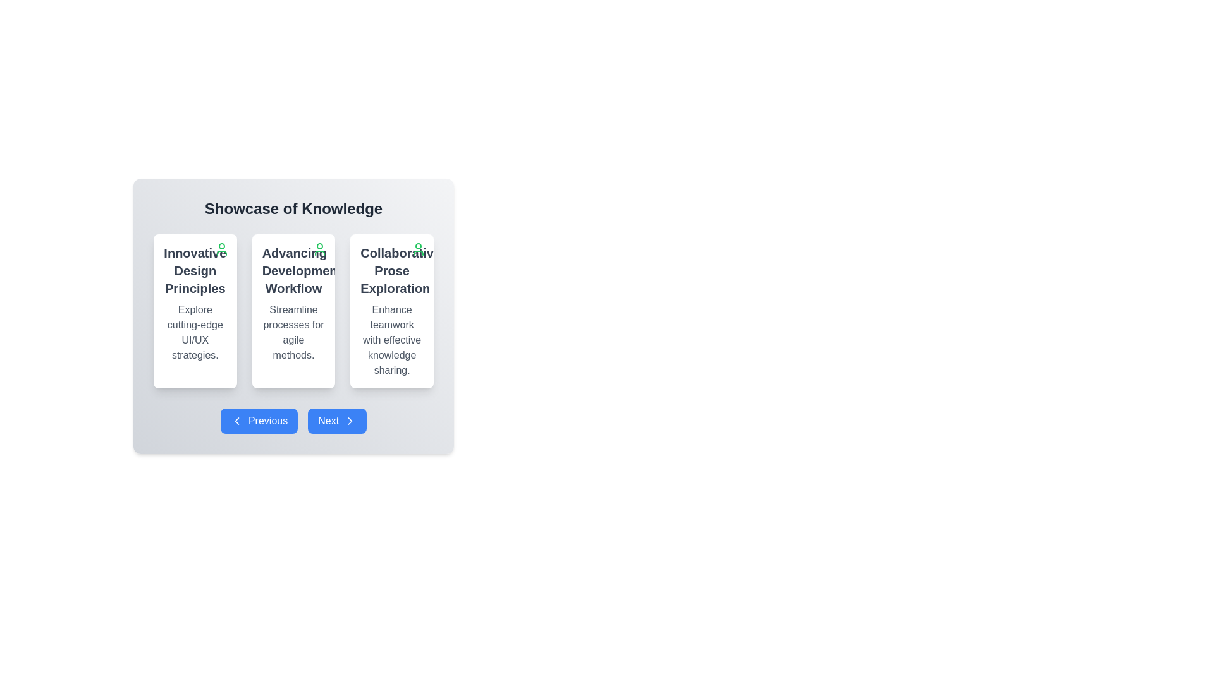 The height and width of the screenshot is (682, 1214). Describe the element at coordinates (236, 421) in the screenshot. I see `the left-pointing arrowhead icon located within the 'Previous' button area, which serves as a graphical embellishment for the button` at that location.